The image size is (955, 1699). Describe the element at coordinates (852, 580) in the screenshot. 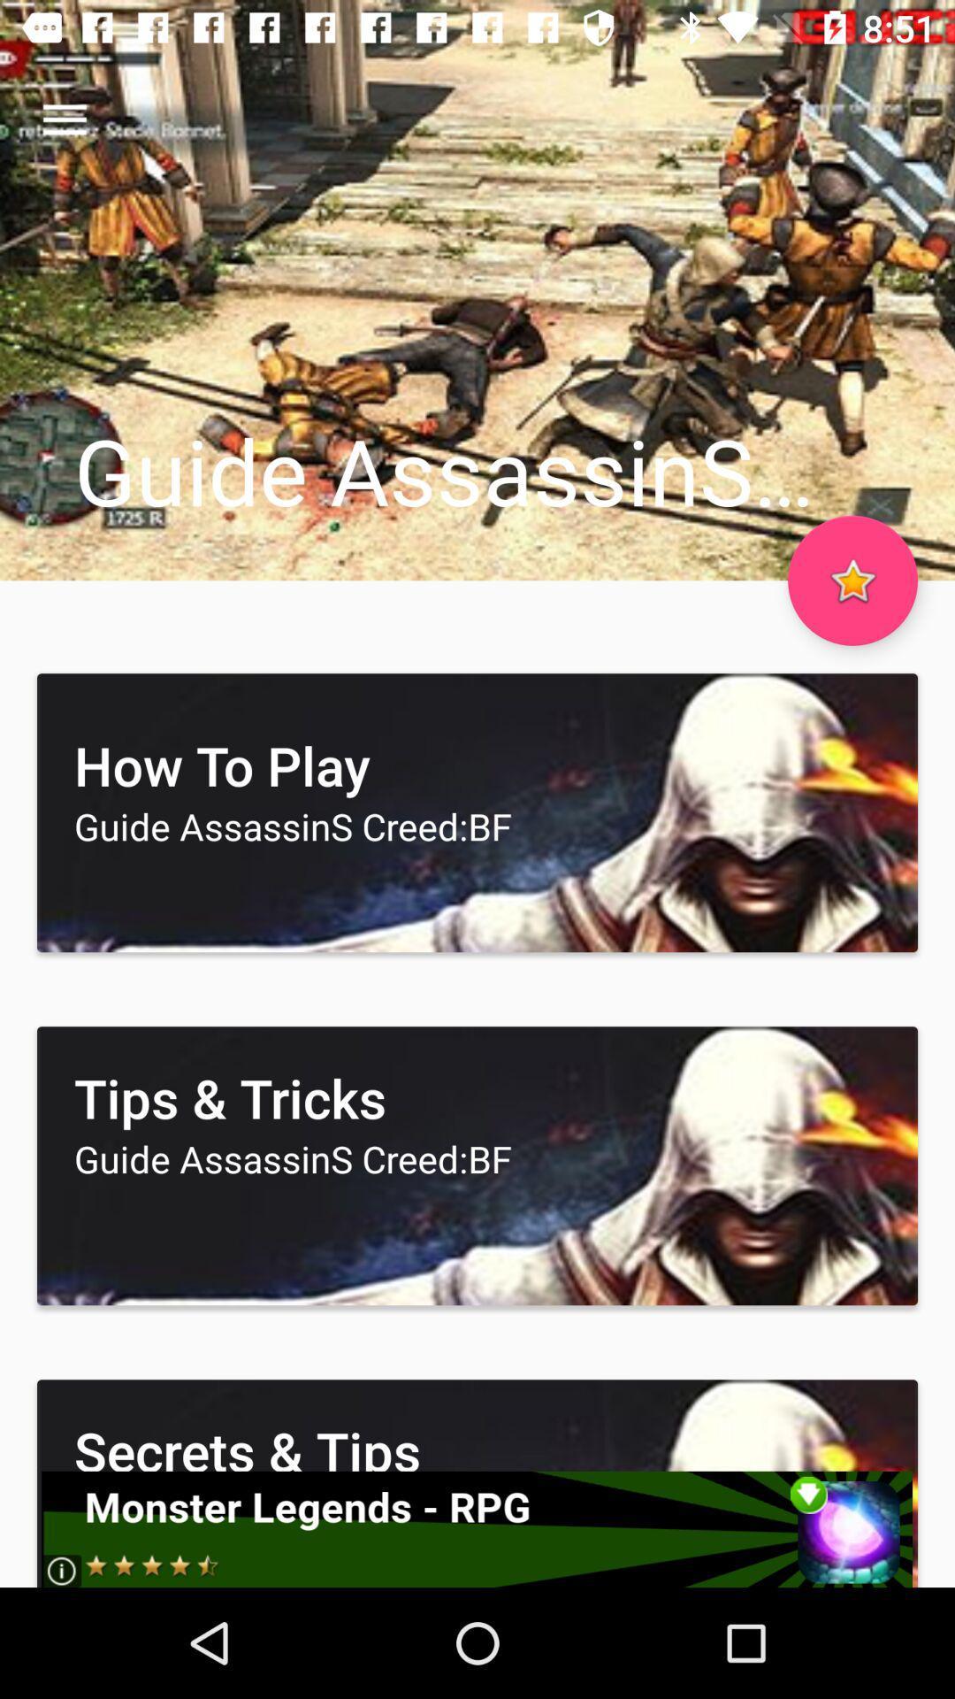

I see `the star icon` at that location.